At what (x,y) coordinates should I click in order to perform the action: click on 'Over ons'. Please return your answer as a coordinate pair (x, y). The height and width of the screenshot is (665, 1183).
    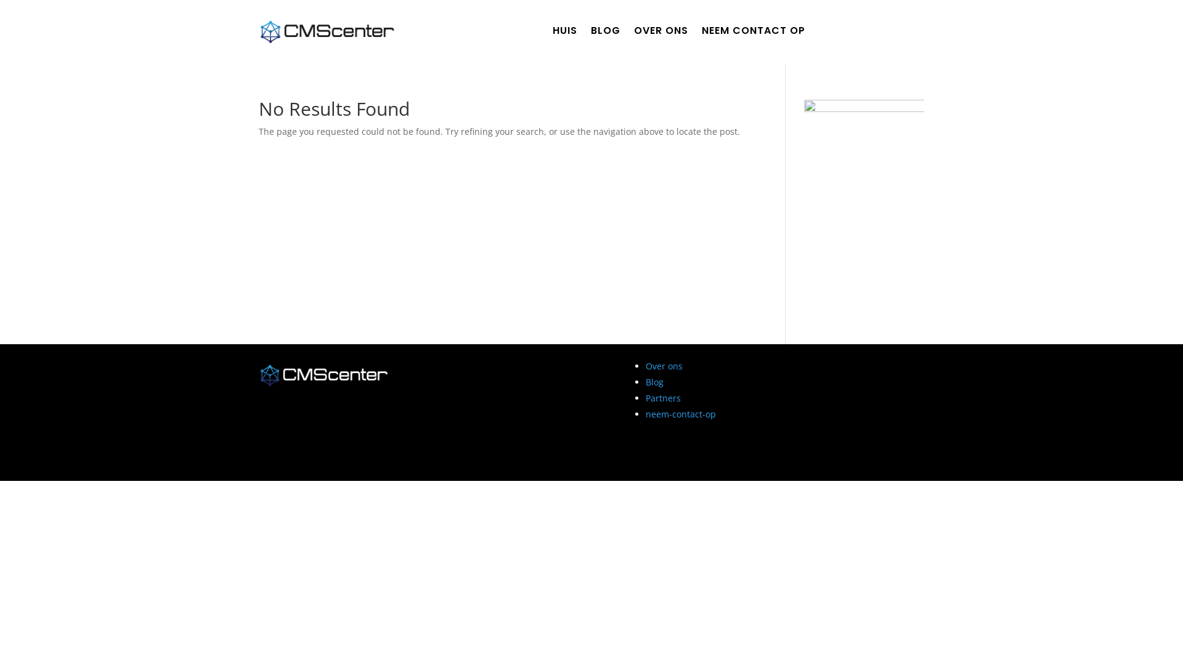
    Looking at the image, I should click on (664, 365).